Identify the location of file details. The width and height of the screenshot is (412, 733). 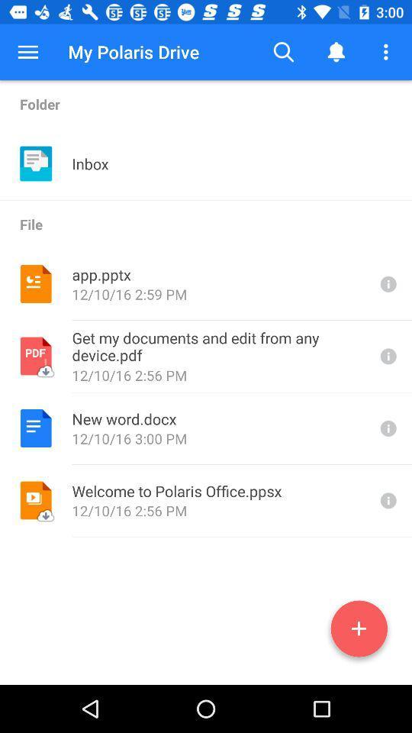
(387, 283).